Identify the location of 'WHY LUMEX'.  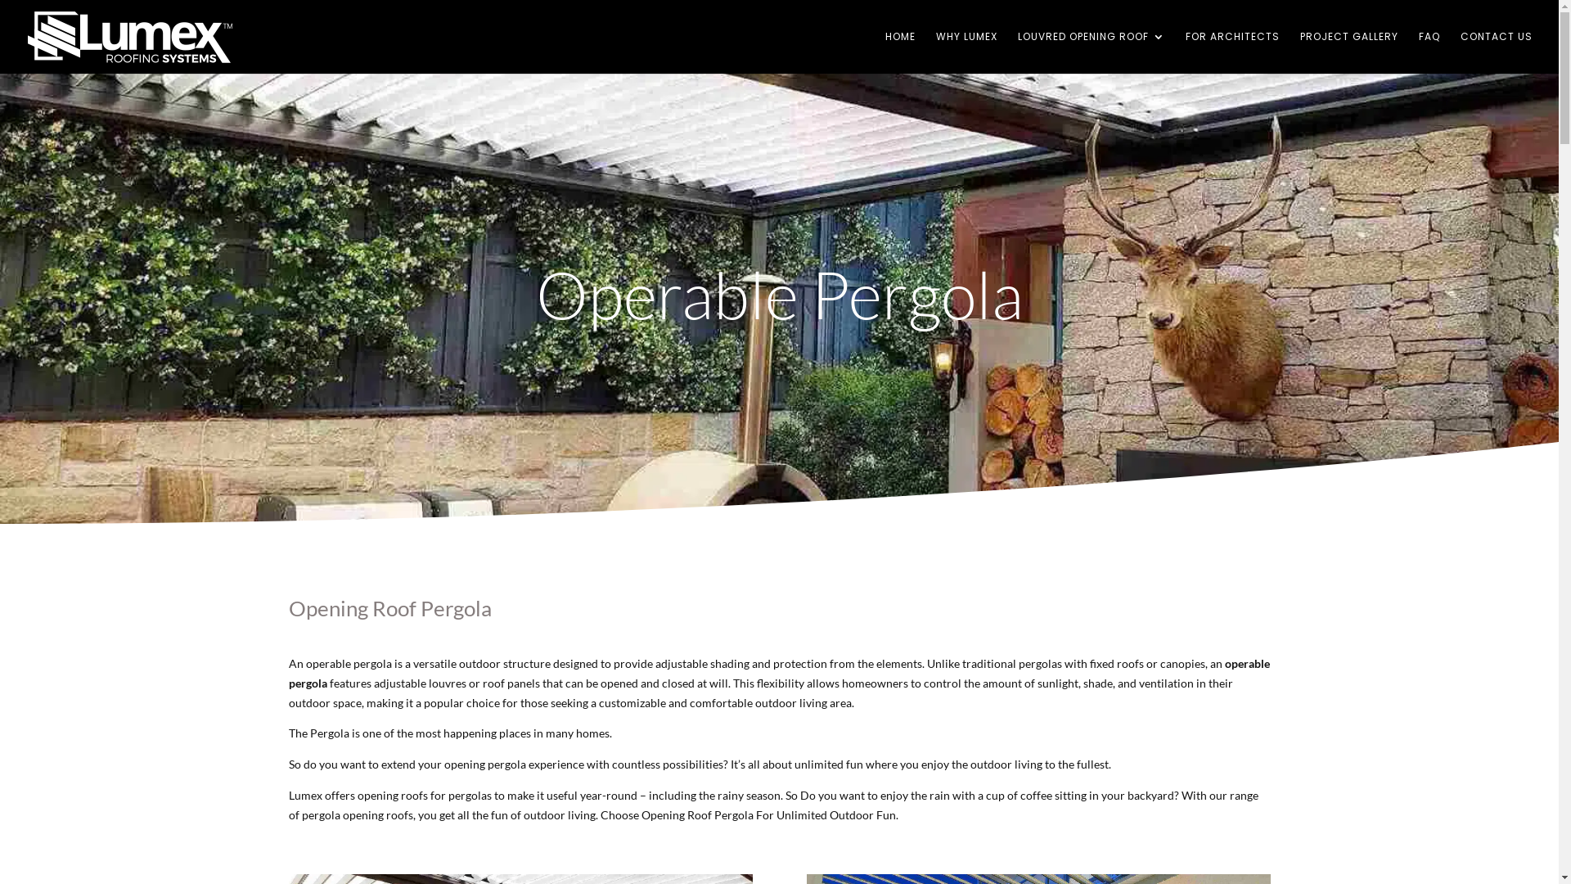
(966, 52).